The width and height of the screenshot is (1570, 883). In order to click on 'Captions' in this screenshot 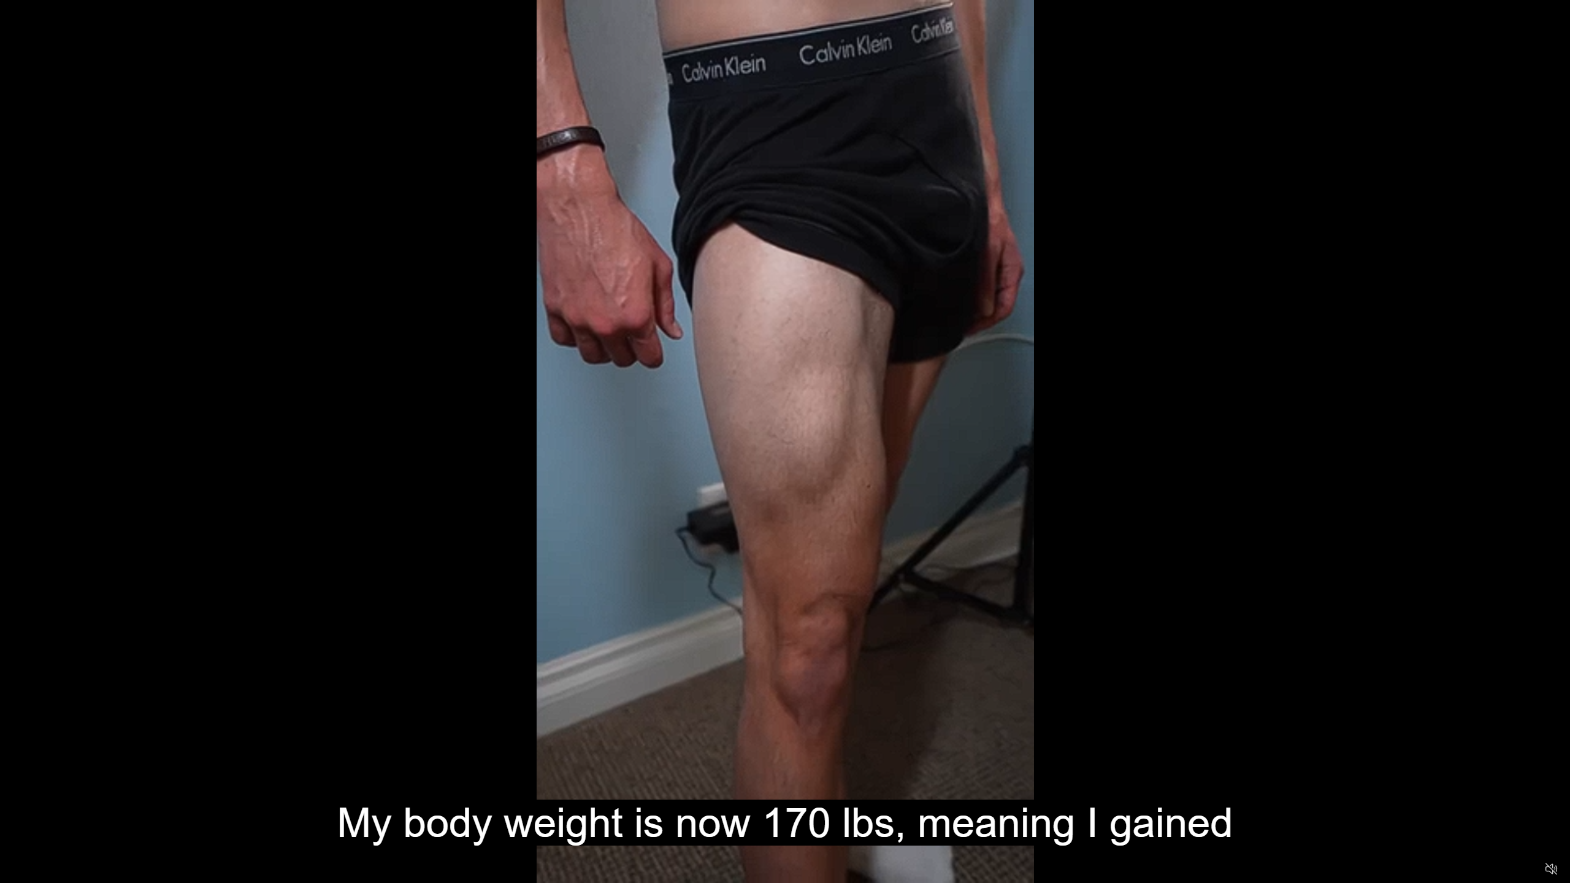, I will do `click(1503, 869)`.